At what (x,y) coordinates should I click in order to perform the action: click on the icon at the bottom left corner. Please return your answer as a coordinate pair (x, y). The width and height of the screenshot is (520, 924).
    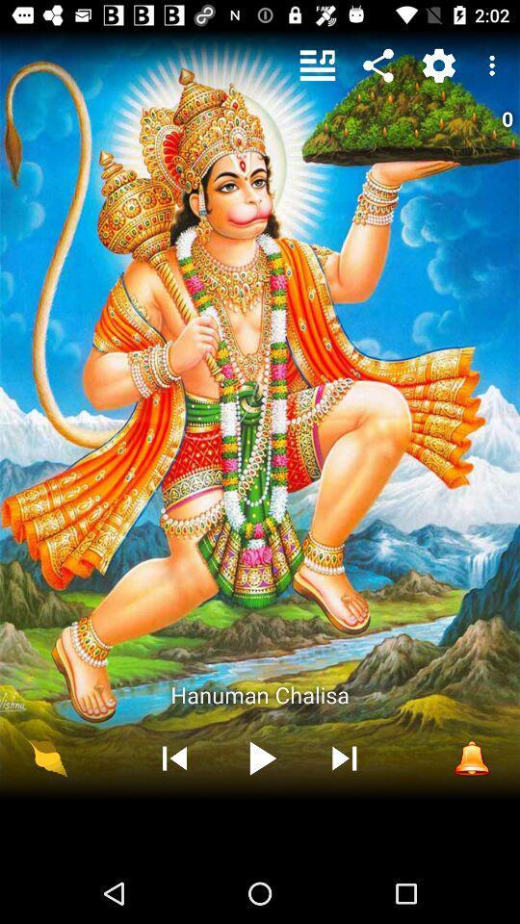
    Looking at the image, I should click on (47, 757).